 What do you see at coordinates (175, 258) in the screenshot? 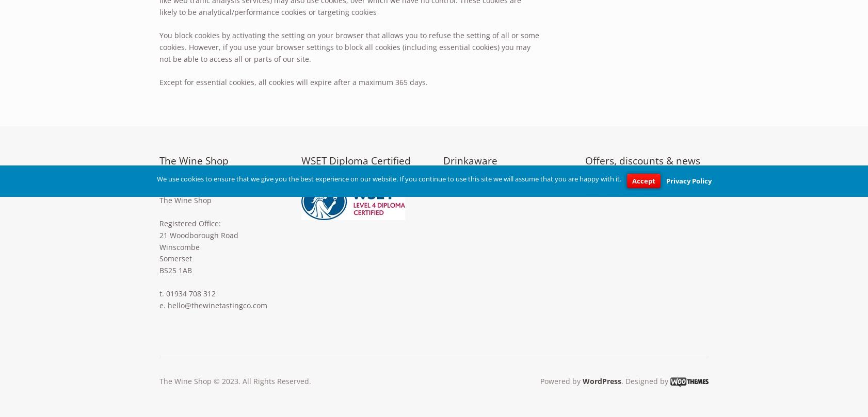
I see `'Somerset'` at bounding box center [175, 258].